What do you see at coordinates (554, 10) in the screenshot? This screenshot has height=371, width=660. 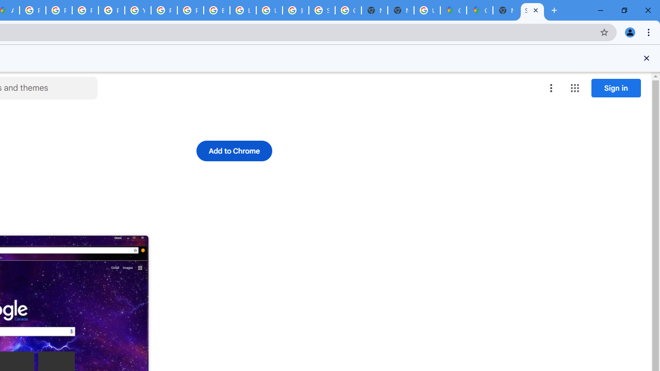 I see `'New Tab'` at bounding box center [554, 10].